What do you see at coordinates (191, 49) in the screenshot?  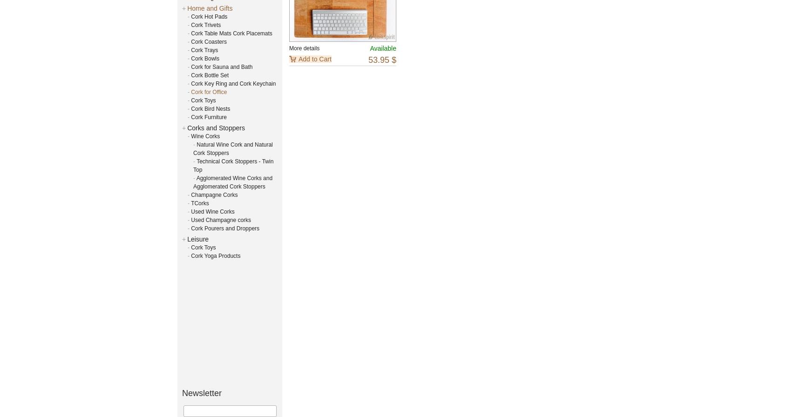 I see `'Cork Trays'` at bounding box center [191, 49].